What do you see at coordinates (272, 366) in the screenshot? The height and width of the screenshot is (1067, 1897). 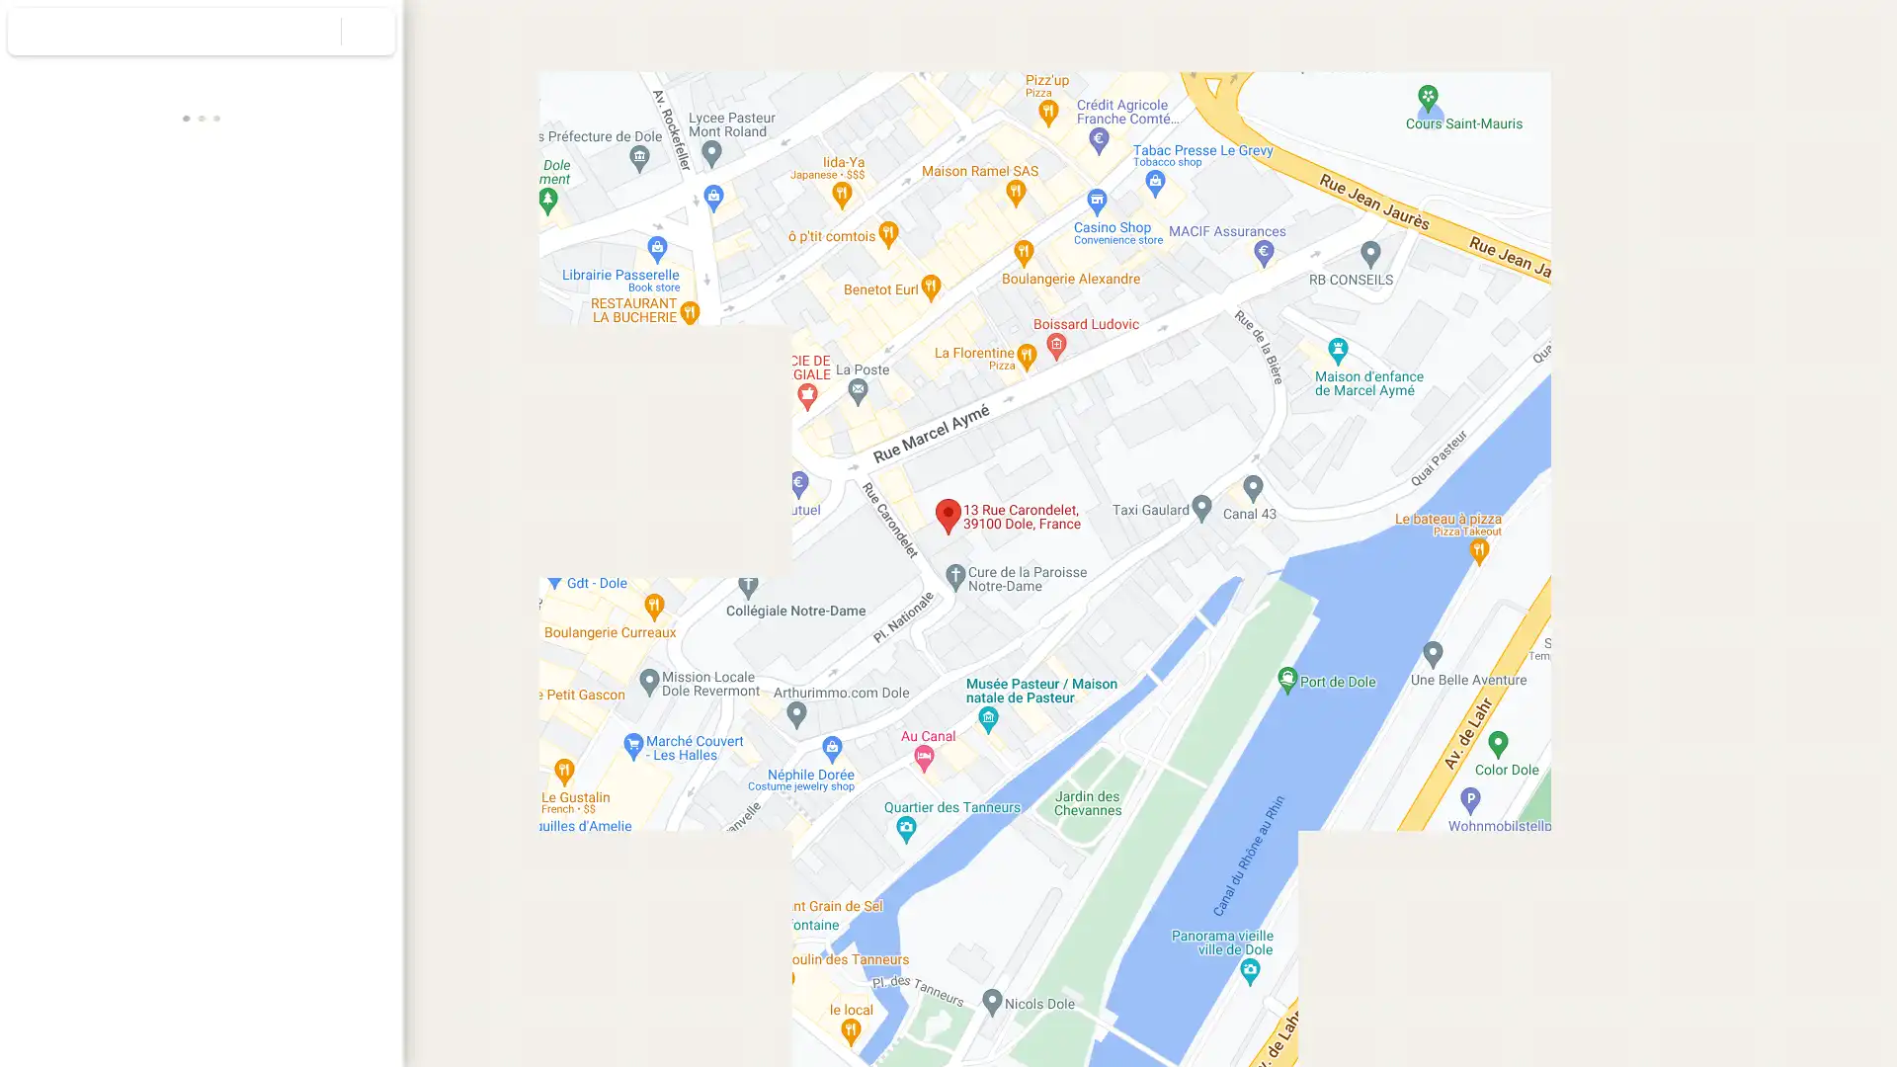 I see `Send 13 Rue Carondelet to your phone` at bounding box center [272, 366].